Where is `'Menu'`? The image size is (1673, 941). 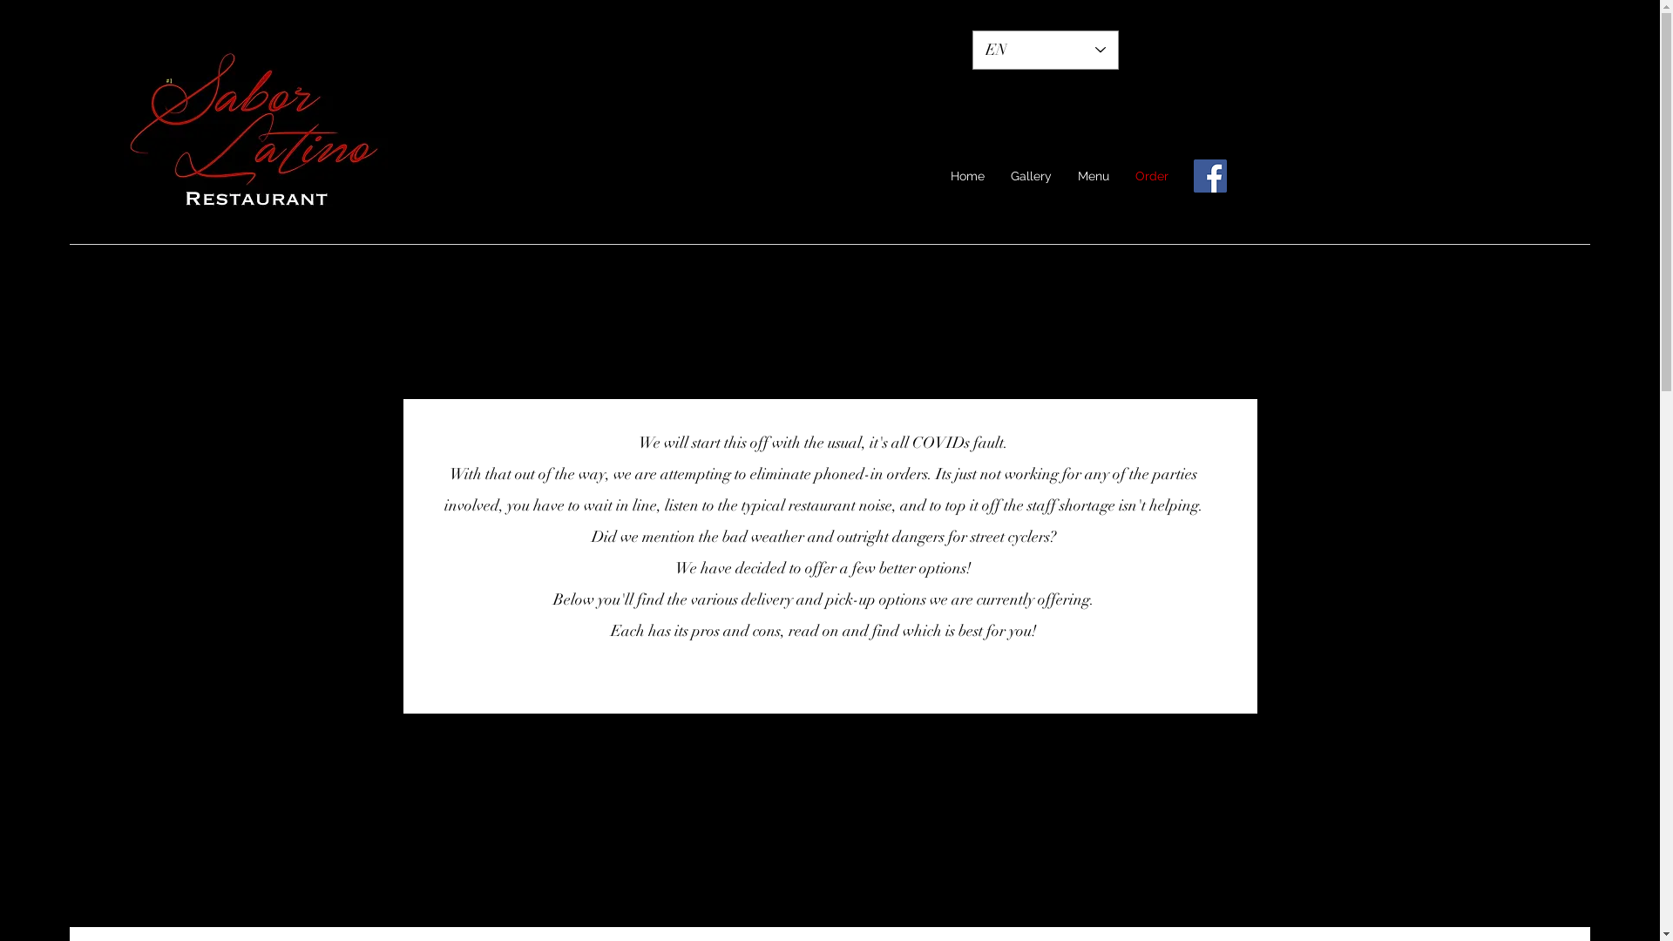 'Menu' is located at coordinates (1092, 176).